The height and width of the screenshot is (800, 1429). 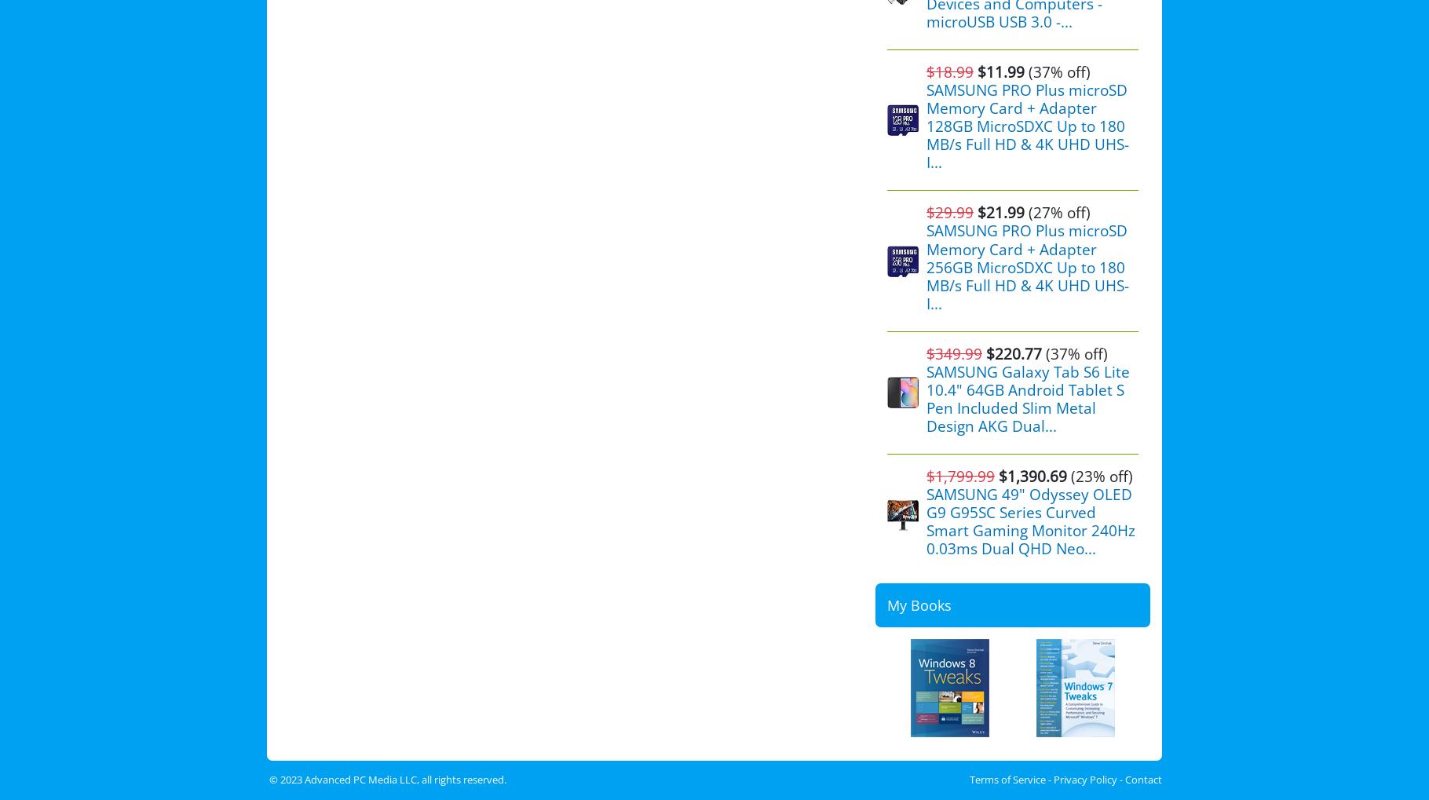 What do you see at coordinates (949, 212) in the screenshot?
I see `'$29.99'` at bounding box center [949, 212].